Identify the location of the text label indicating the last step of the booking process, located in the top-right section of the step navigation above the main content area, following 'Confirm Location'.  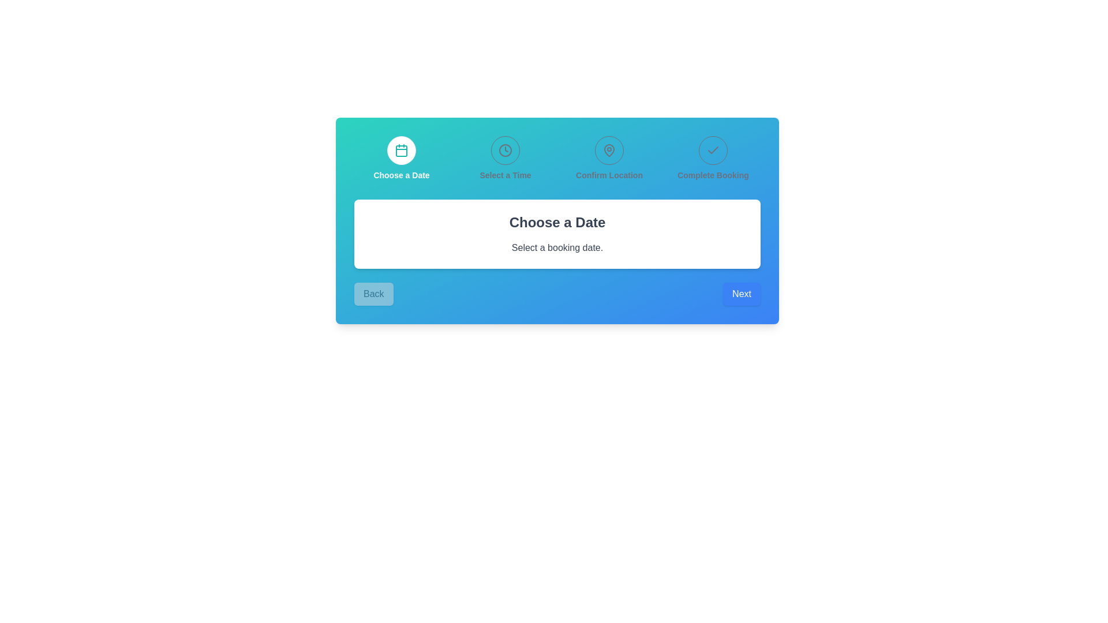
(712, 175).